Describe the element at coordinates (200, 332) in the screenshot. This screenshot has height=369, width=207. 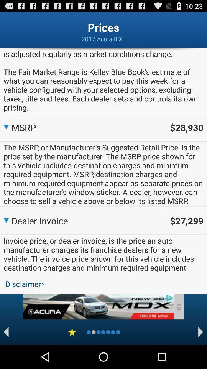
I see `next button` at that location.